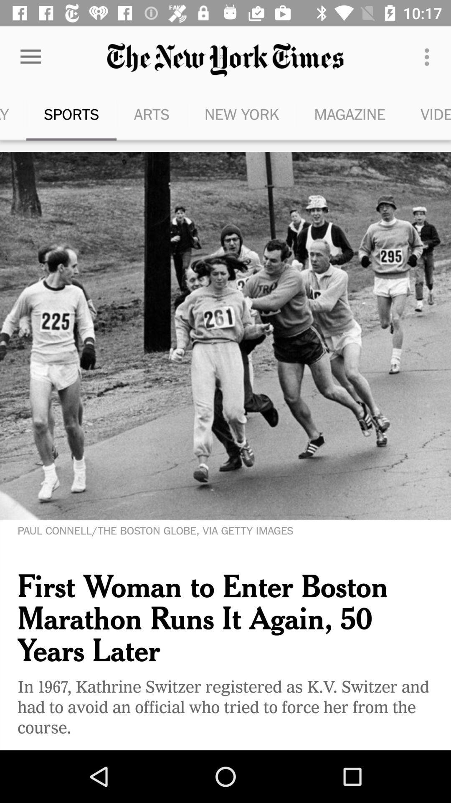  I want to click on the sports icon, so click(71, 114).